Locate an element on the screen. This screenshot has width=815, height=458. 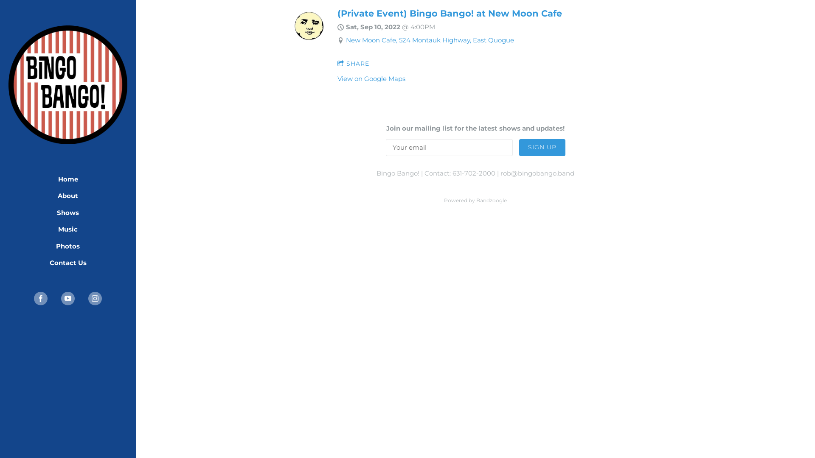
'Photos' is located at coordinates (67, 246).